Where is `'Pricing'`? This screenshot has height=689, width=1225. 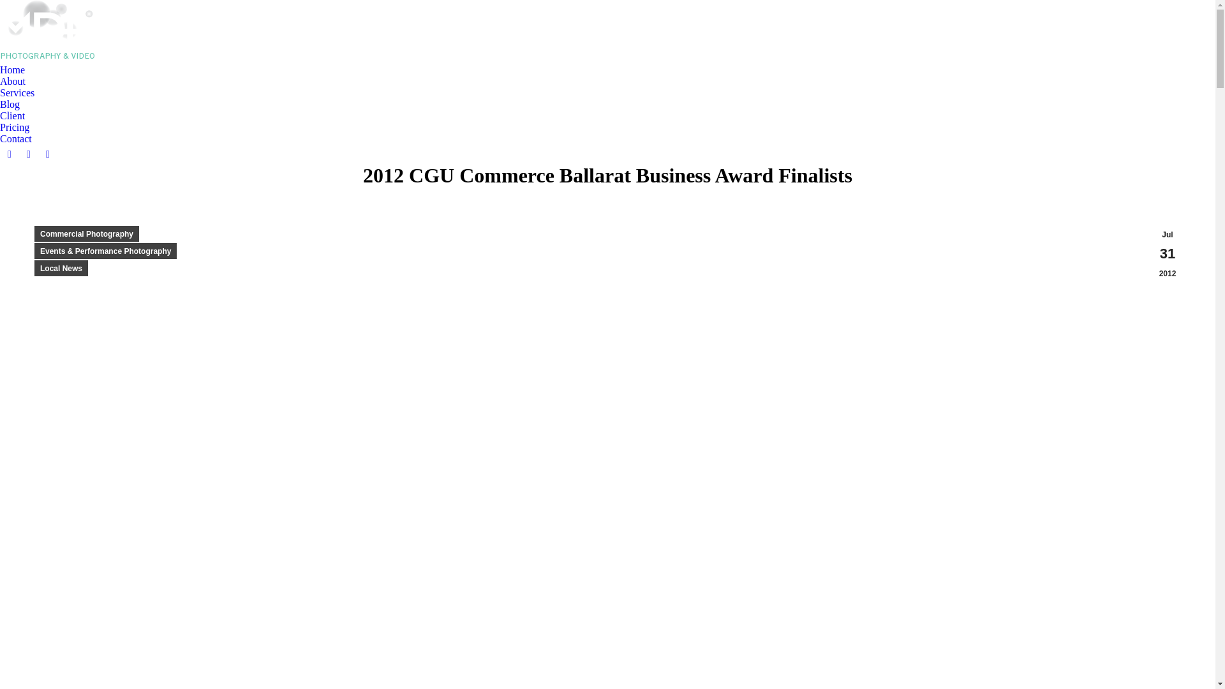 'Pricing' is located at coordinates (15, 128).